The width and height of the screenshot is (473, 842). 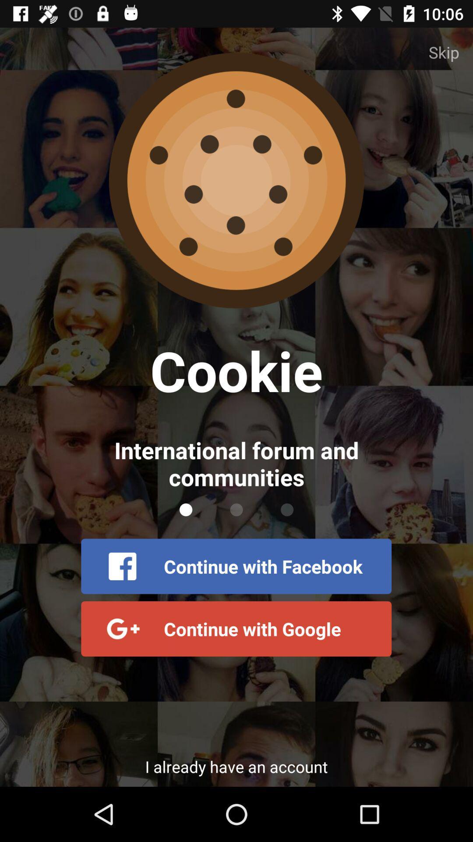 What do you see at coordinates (236, 628) in the screenshot?
I see `to continue with google` at bounding box center [236, 628].